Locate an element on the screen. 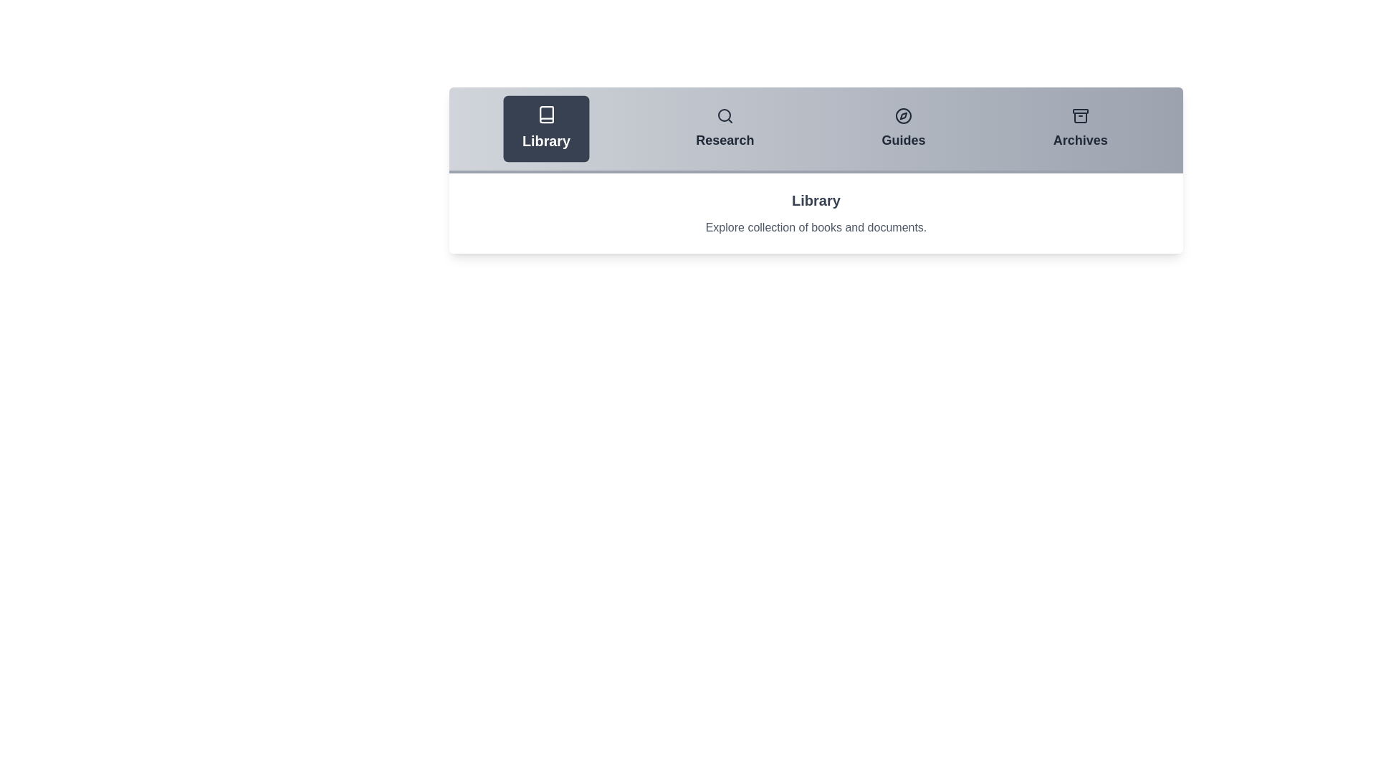 The width and height of the screenshot is (1376, 774). the icons associated with each tab: Archives is located at coordinates (1080, 115).